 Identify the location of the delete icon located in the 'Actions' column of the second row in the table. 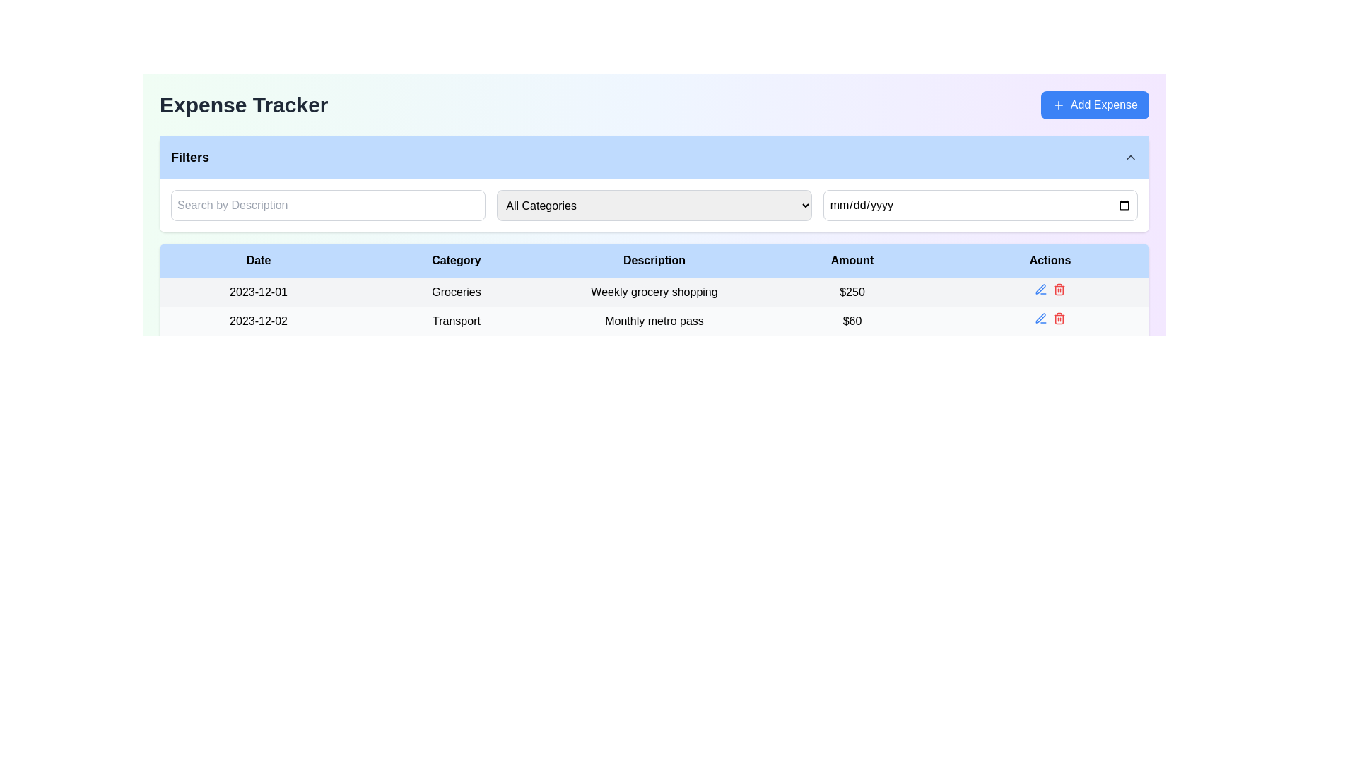
(1059, 288).